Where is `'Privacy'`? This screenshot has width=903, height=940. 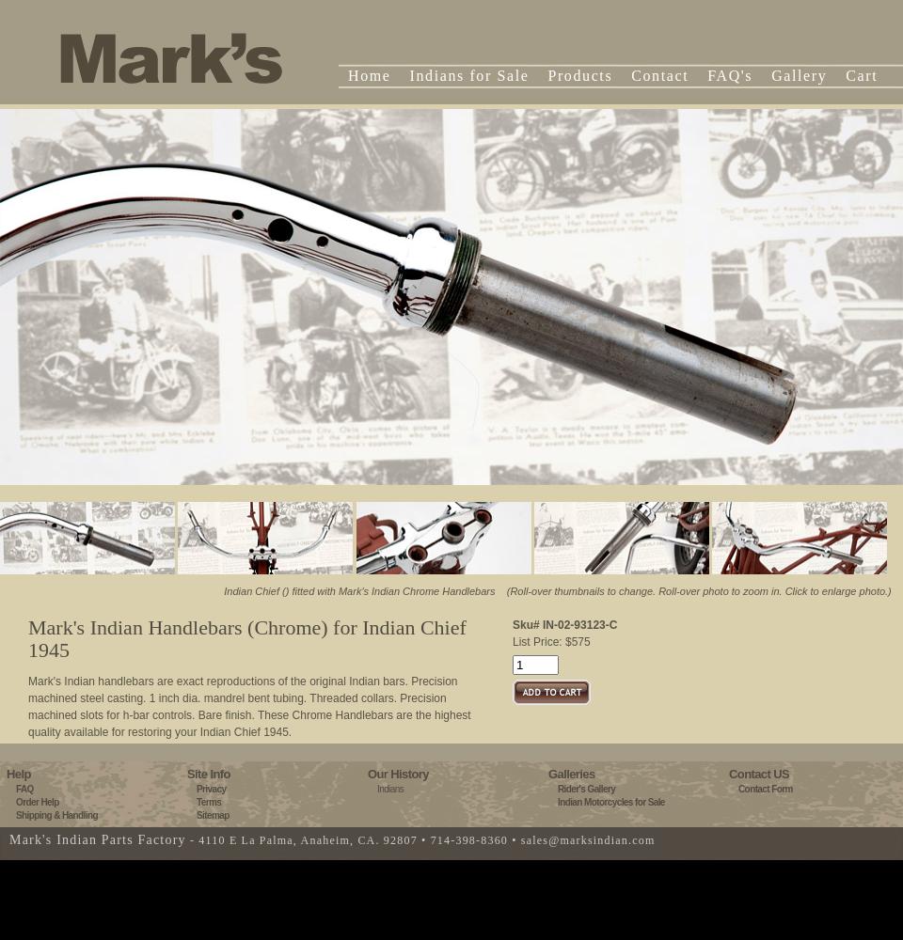 'Privacy' is located at coordinates (211, 788).